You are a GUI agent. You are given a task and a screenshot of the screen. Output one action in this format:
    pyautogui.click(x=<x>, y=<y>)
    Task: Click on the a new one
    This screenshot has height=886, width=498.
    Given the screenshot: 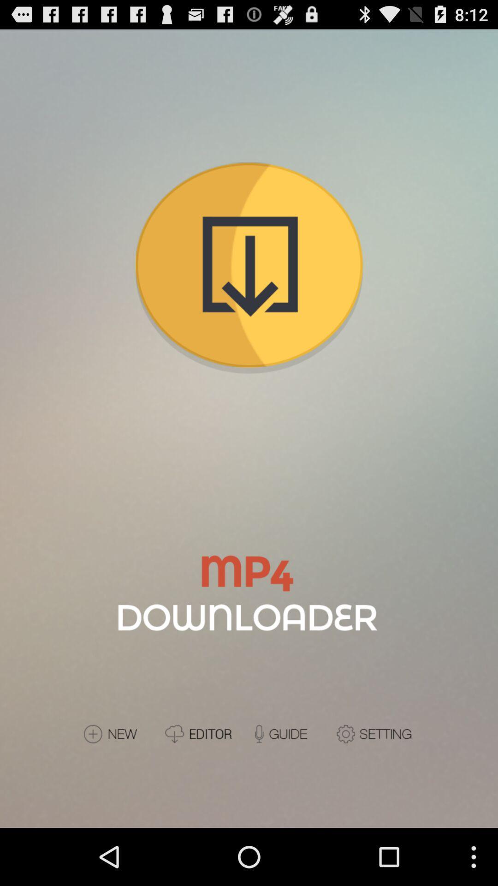 What is the action you would take?
    pyautogui.click(x=119, y=733)
    